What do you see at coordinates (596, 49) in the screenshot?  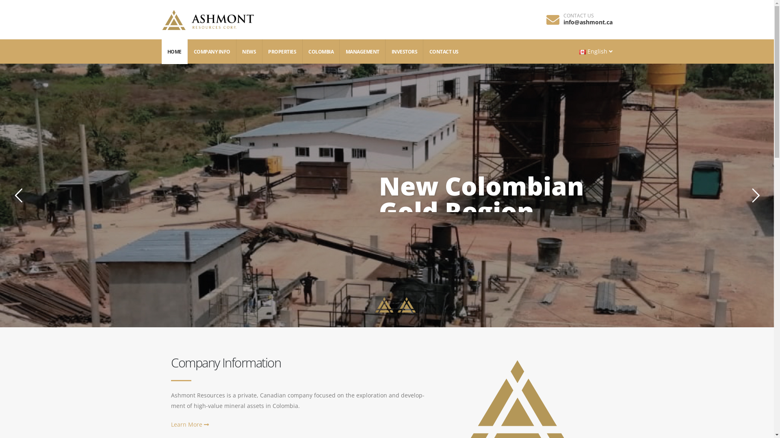 I see `'English'` at bounding box center [596, 49].